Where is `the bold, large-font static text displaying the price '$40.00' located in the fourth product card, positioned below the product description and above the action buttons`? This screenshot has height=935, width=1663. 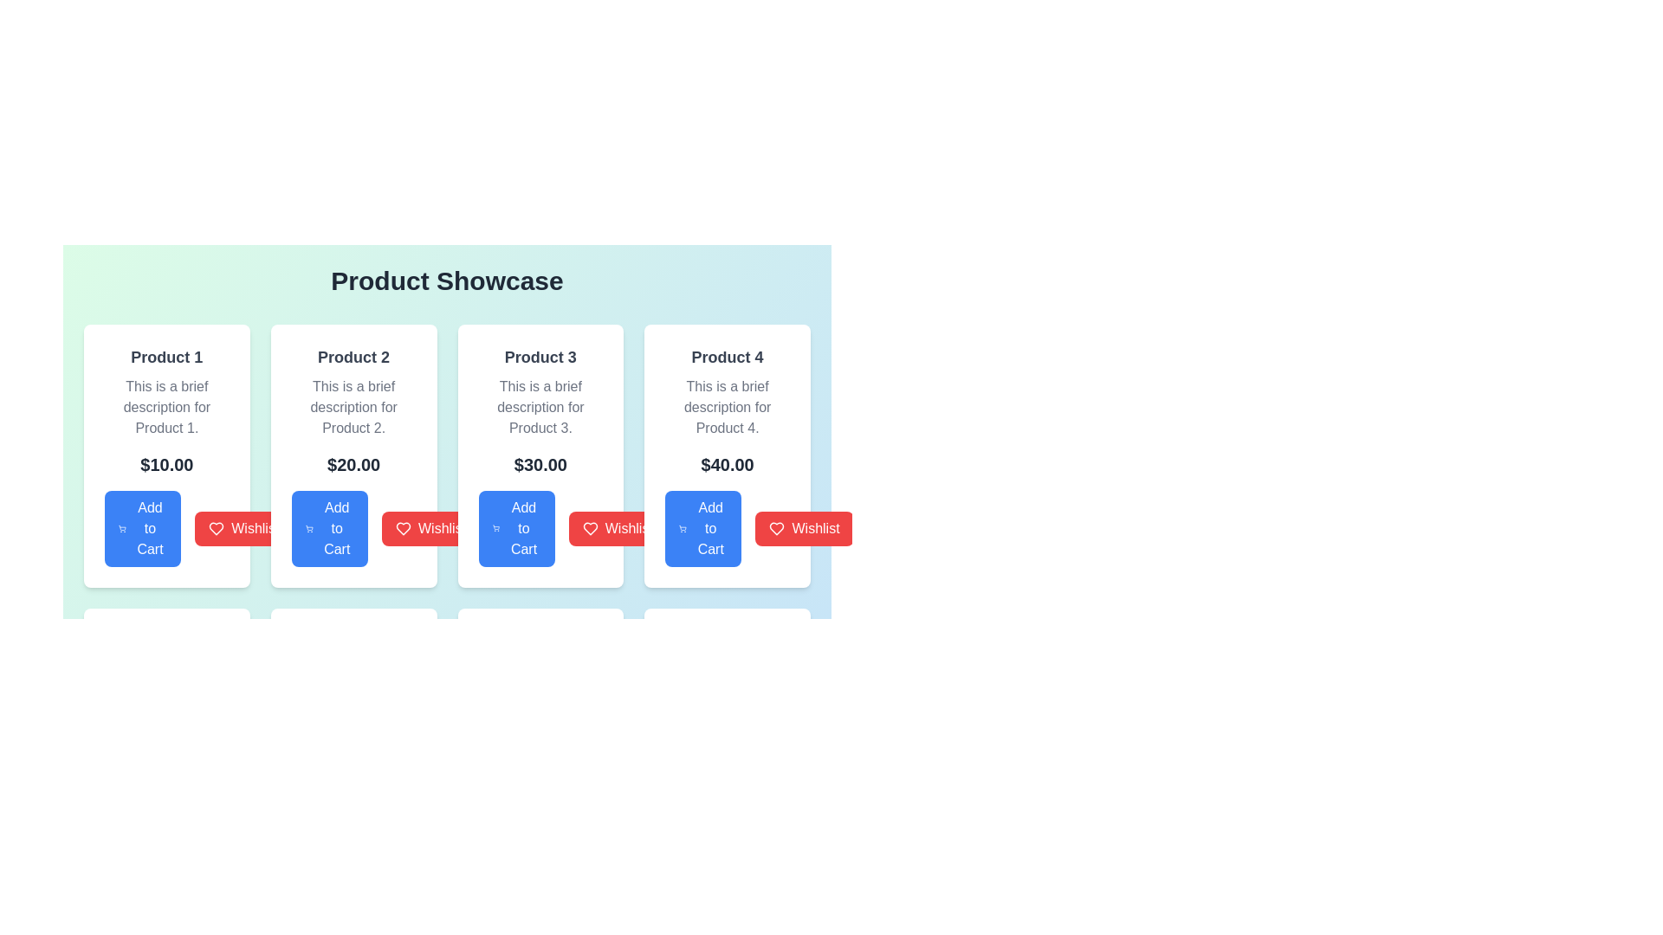 the bold, large-font static text displaying the price '$40.00' located in the fourth product card, positioned below the product description and above the action buttons is located at coordinates (728, 463).